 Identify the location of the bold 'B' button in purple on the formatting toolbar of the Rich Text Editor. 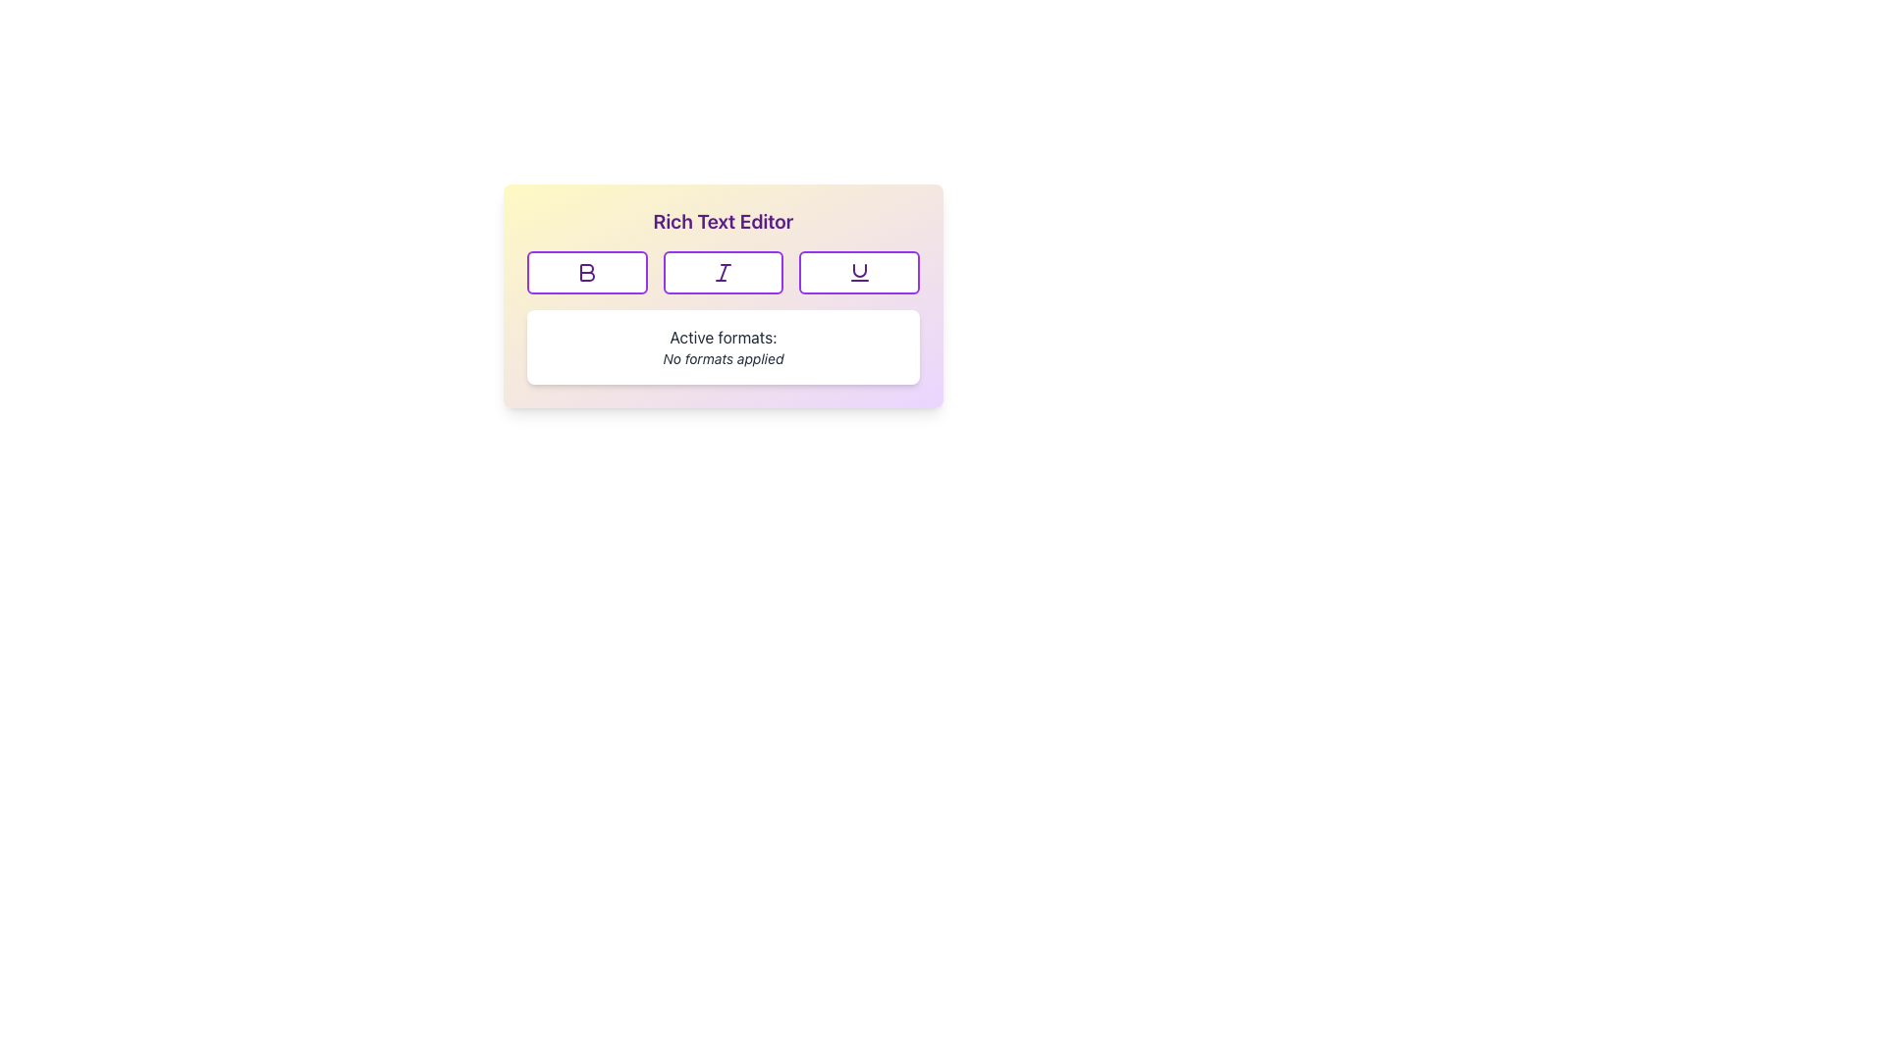
(586, 272).